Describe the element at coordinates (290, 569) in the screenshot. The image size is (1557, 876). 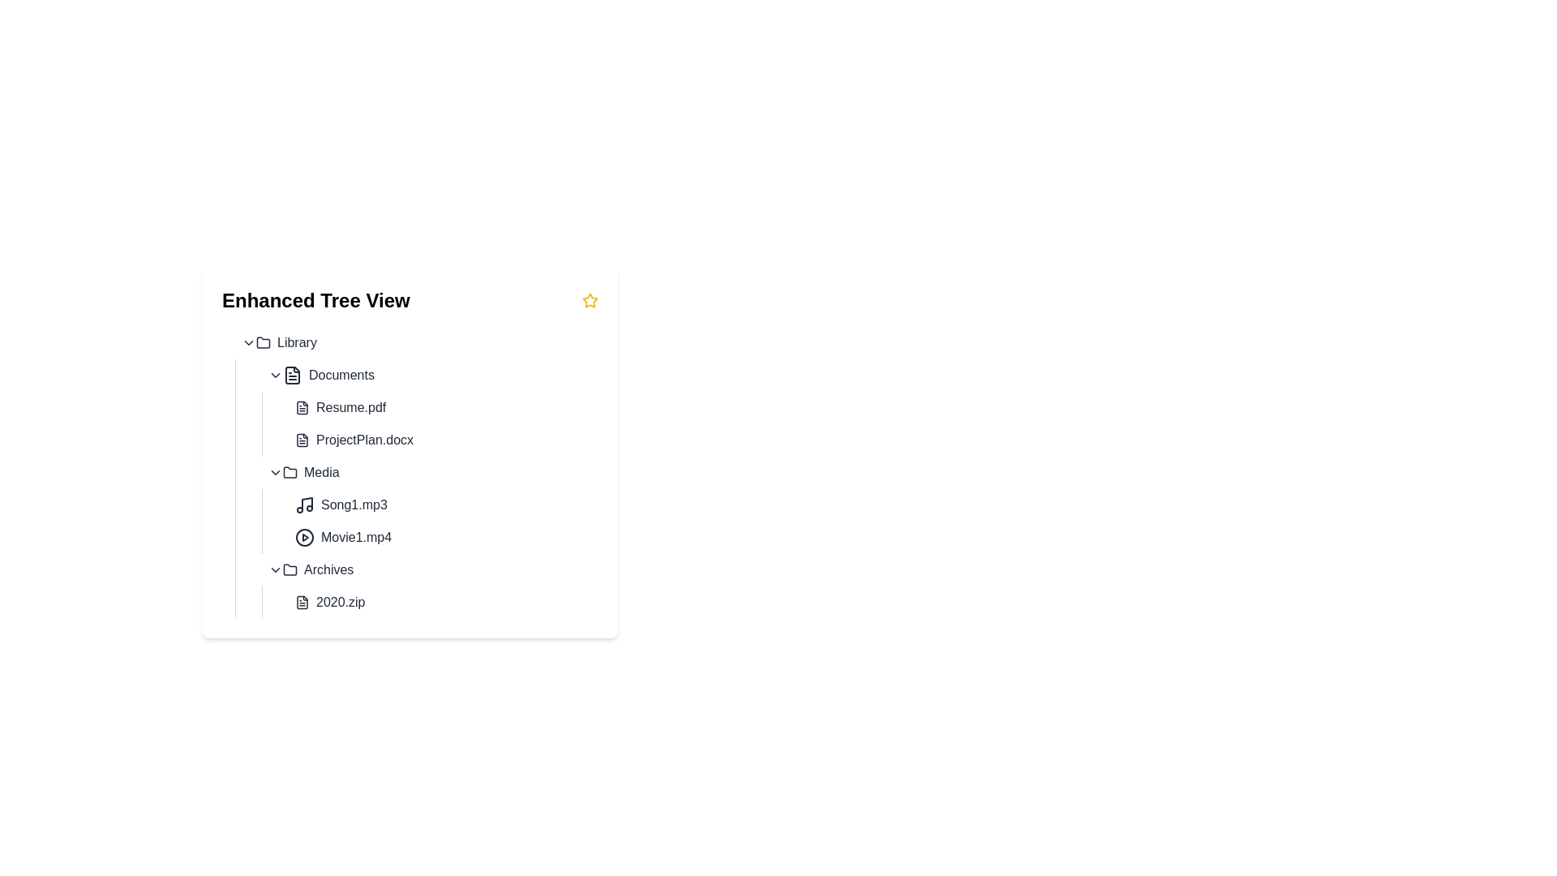
I see `the folder icon located under the 'Archives' section at the third hierarchical level` at that location.